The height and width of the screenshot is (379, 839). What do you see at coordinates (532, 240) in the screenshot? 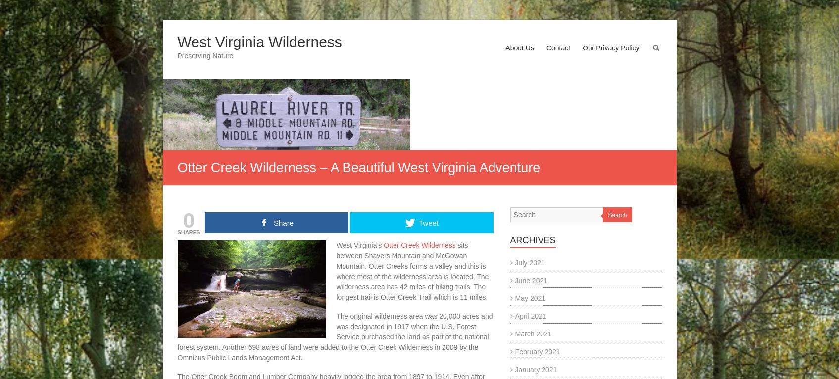
I see `'Archives'` at bounding box center [532, 240].